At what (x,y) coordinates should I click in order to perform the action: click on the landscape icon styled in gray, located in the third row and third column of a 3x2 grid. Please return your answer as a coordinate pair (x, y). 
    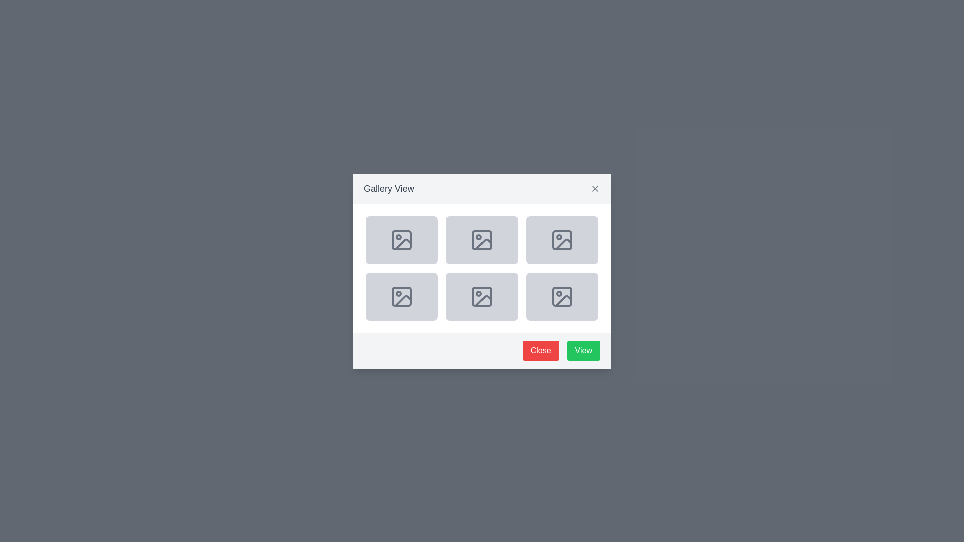
    Looking at the image, I should click on (484, 299).